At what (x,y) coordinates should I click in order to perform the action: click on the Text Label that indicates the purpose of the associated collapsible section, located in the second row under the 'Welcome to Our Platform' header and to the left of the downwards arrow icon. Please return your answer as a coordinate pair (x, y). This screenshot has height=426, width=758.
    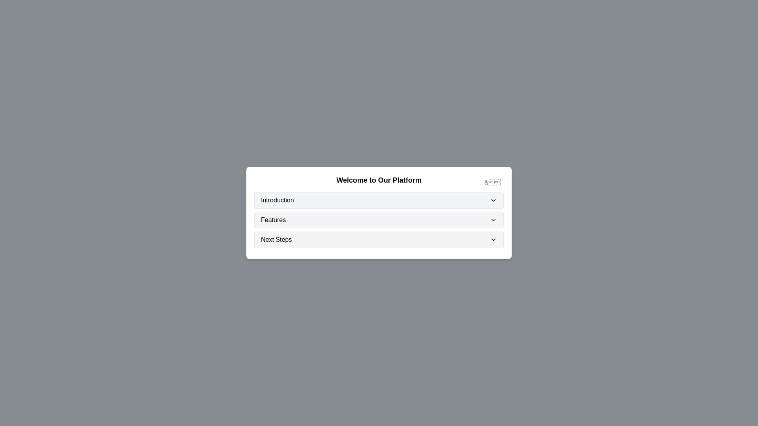
    Looking at the image, I should click on (273, 220).